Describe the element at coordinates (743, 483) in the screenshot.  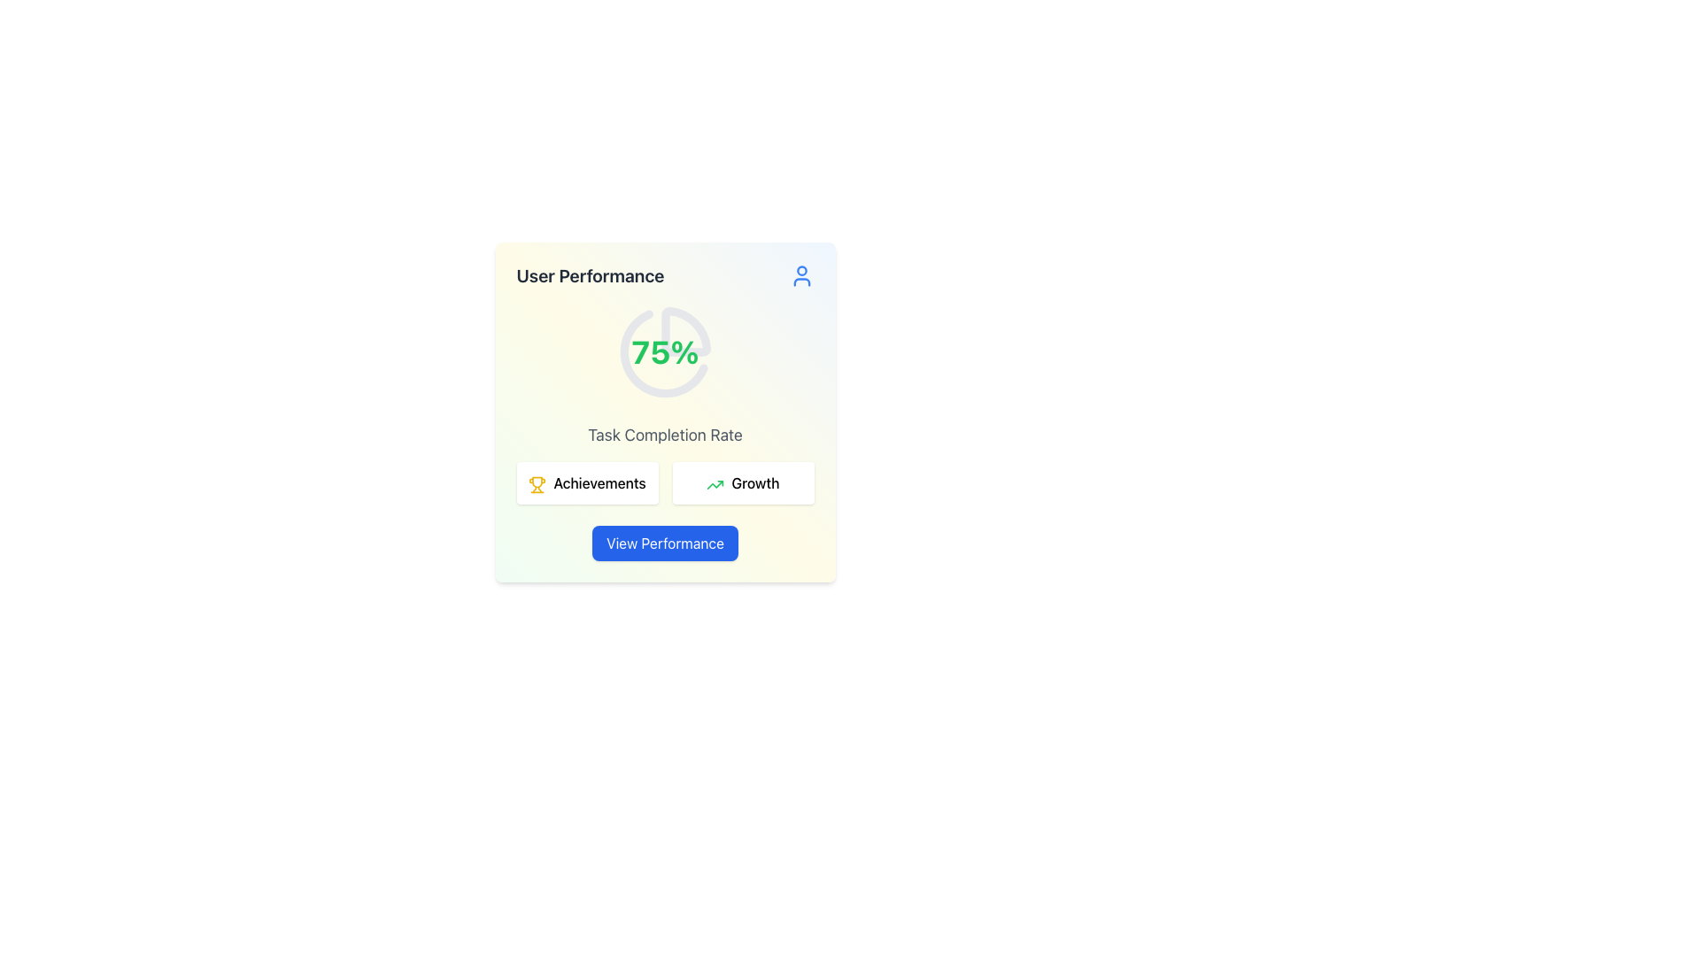
I see `the second card labeled 'Growth' that features an upward green arrow icon, located in the user performance dashboard` at that location.